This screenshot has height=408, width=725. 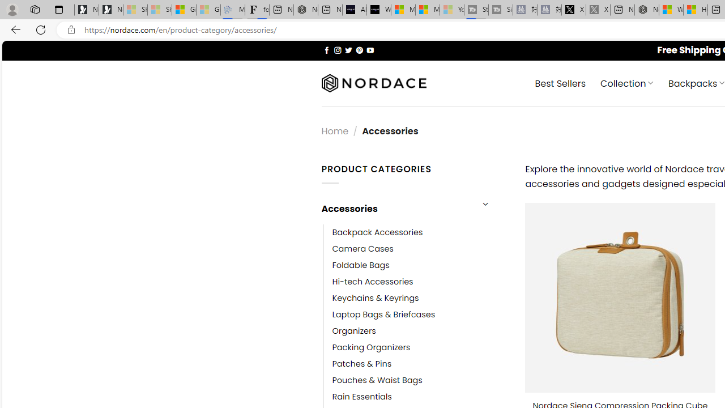 What do you see at coordinates (359, 49) in the screenshot?
I see `'Follow on Pinterest'` at bounding box center [359, 49].